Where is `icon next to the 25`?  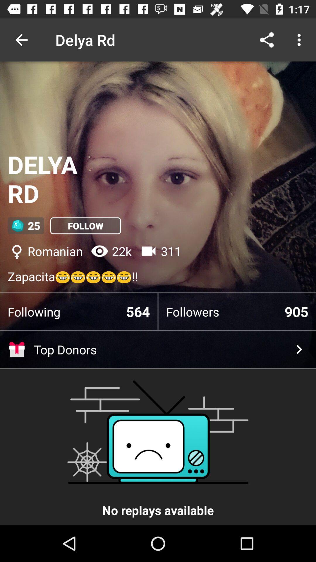 icon next to the 25 is located at coordinates (85, 225).